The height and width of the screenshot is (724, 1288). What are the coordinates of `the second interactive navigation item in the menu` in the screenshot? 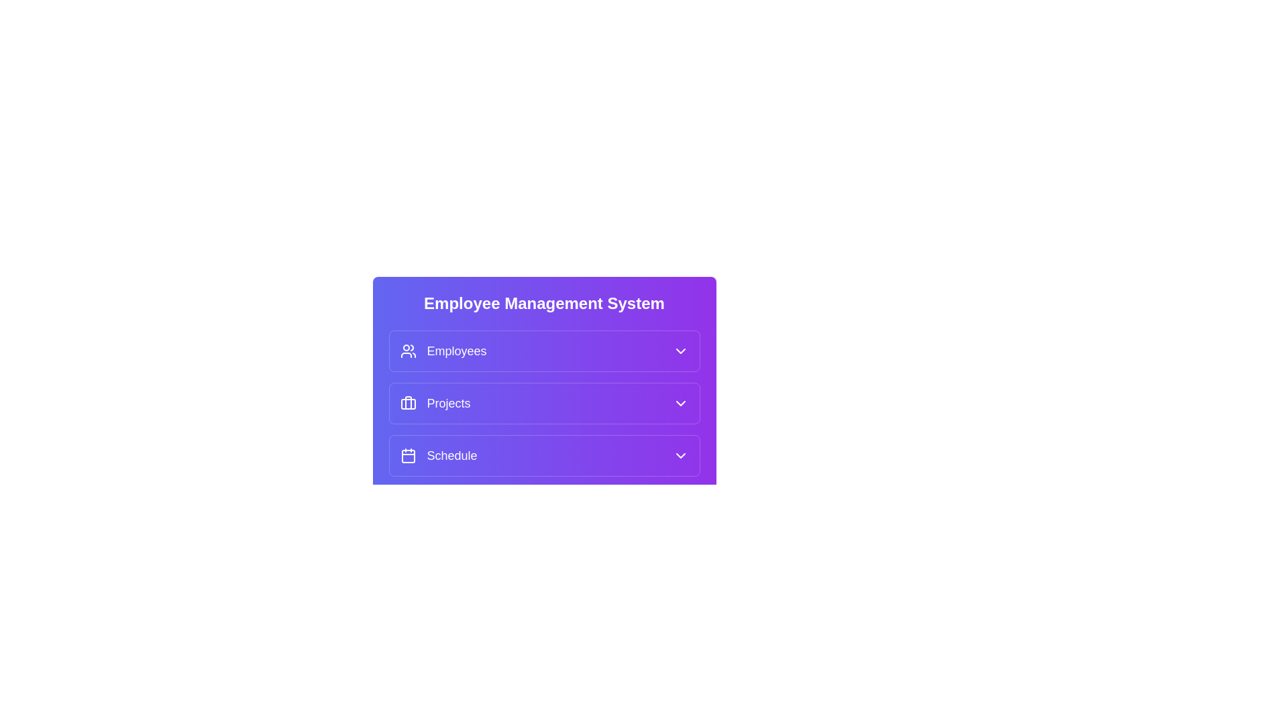 It's located at (544, 402).